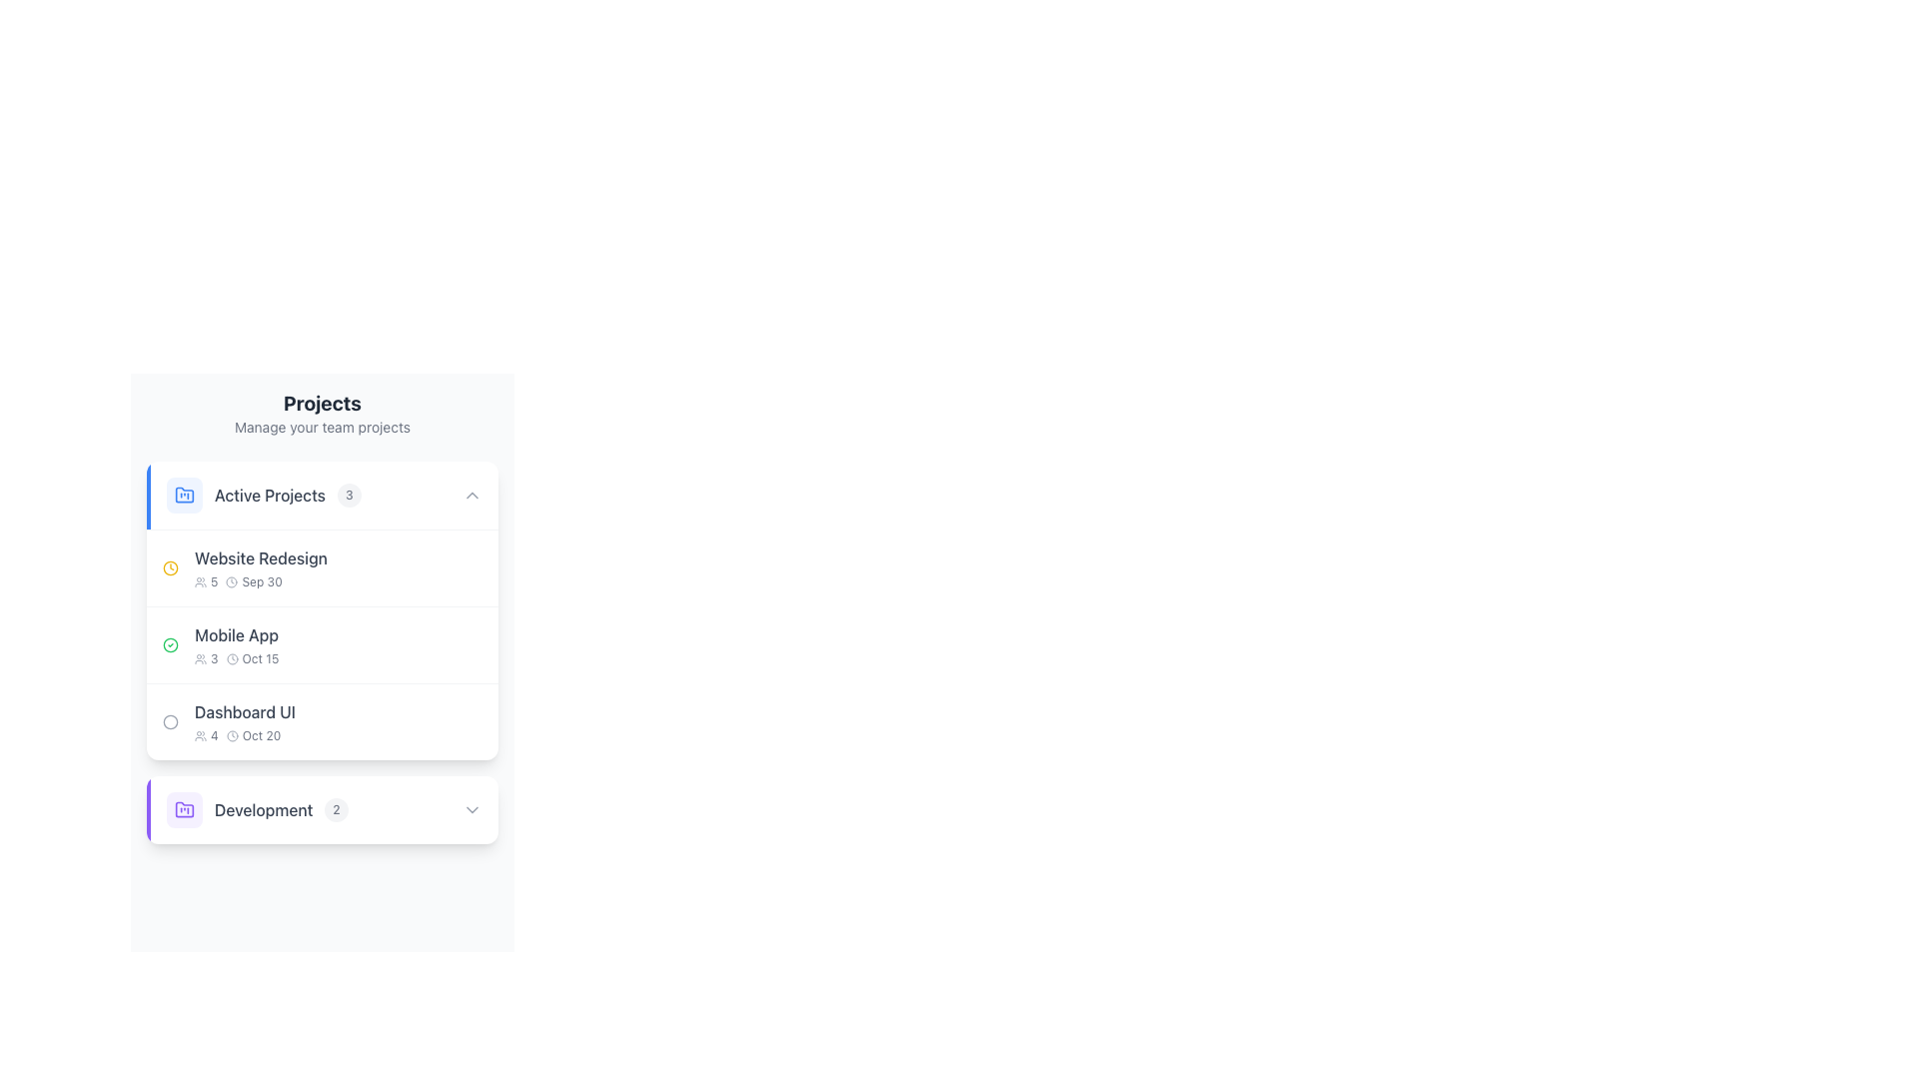  Describe the element at coordinates (322, 404) in the screenshot. I see `the bold text label 'Projects' that is styled with a larger font size and dark gray color, positioned at the top-left of the content area` at that location.